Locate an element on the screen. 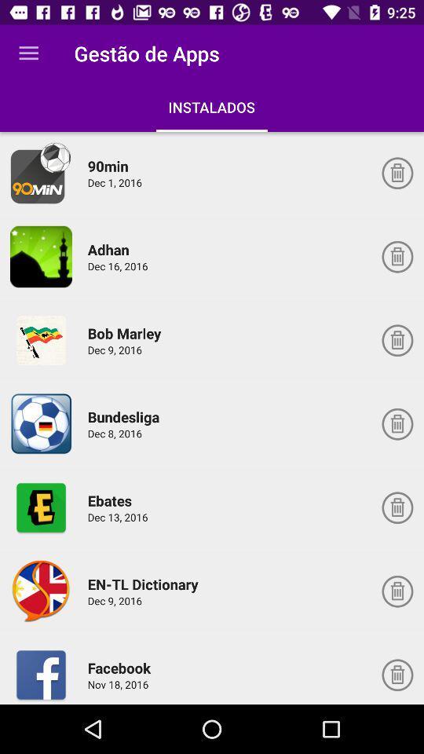 This screenshot has width=424, height=754. uninstall application is located at coordinates (397, 591).